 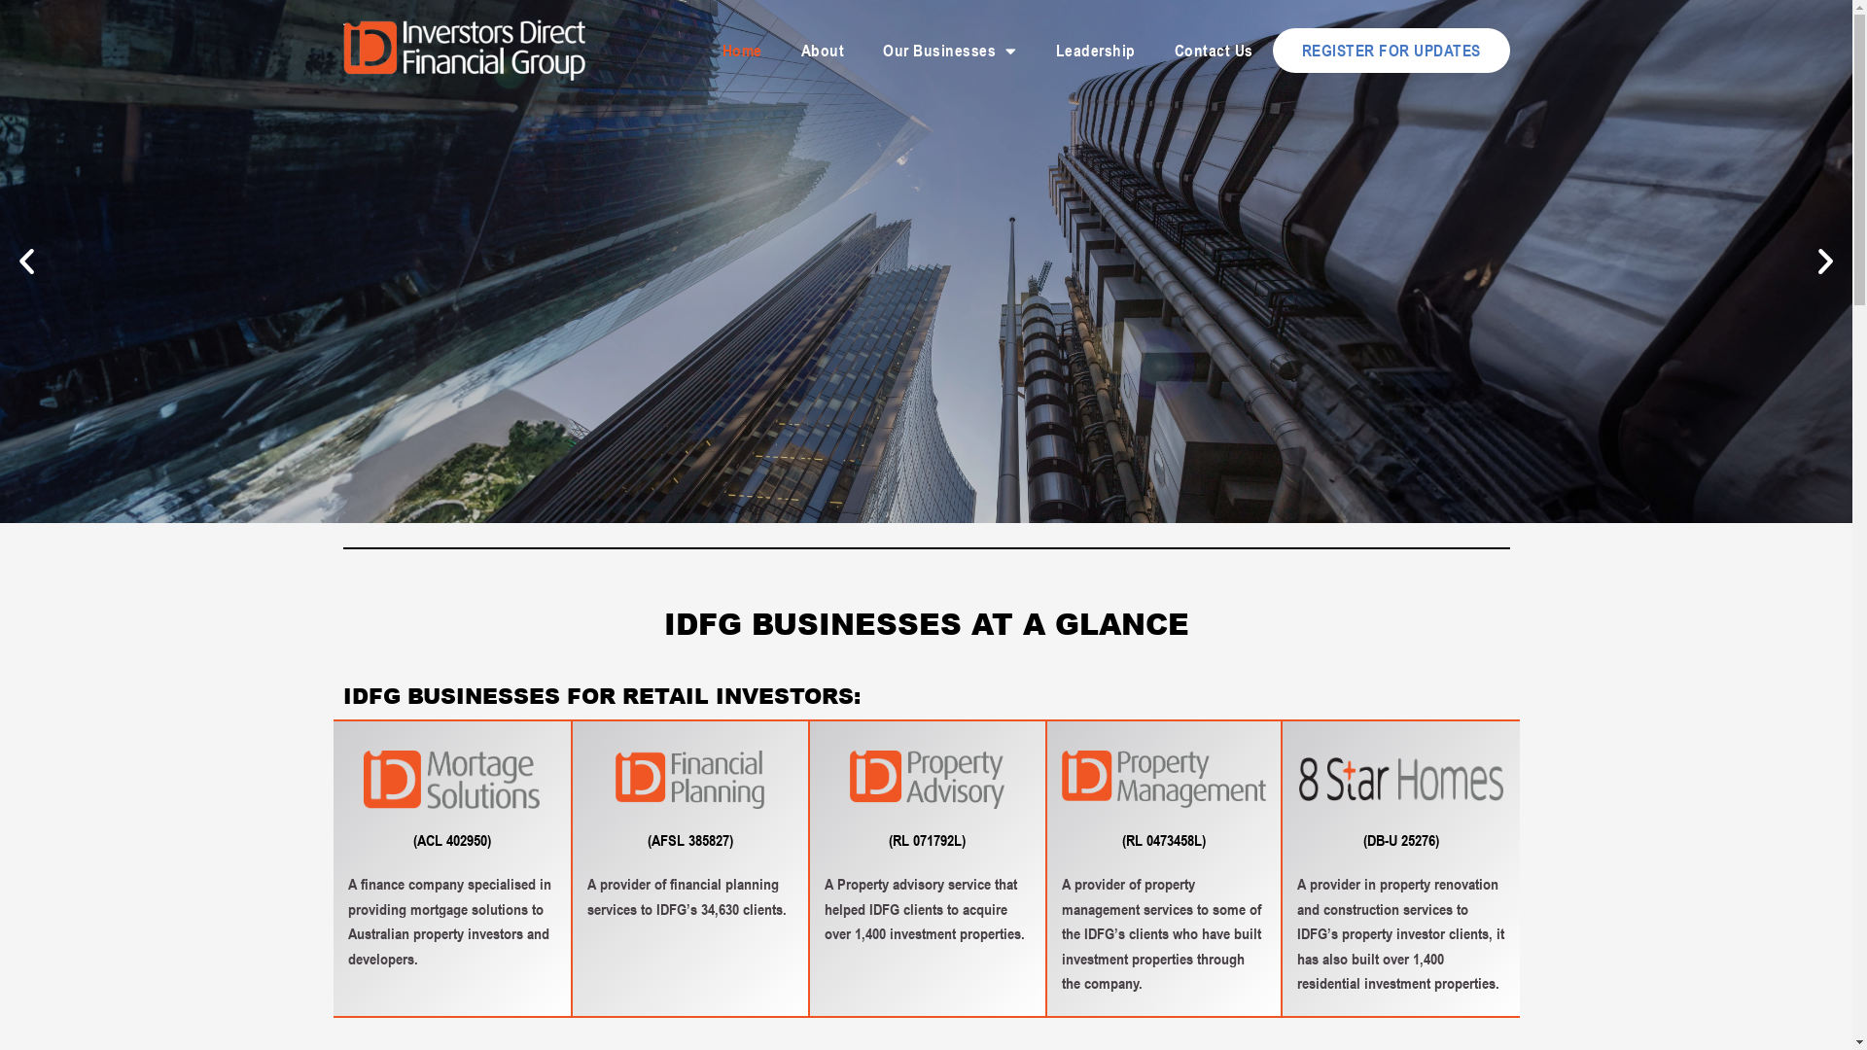 I want to click on 'About', so click(x=823, y=49).